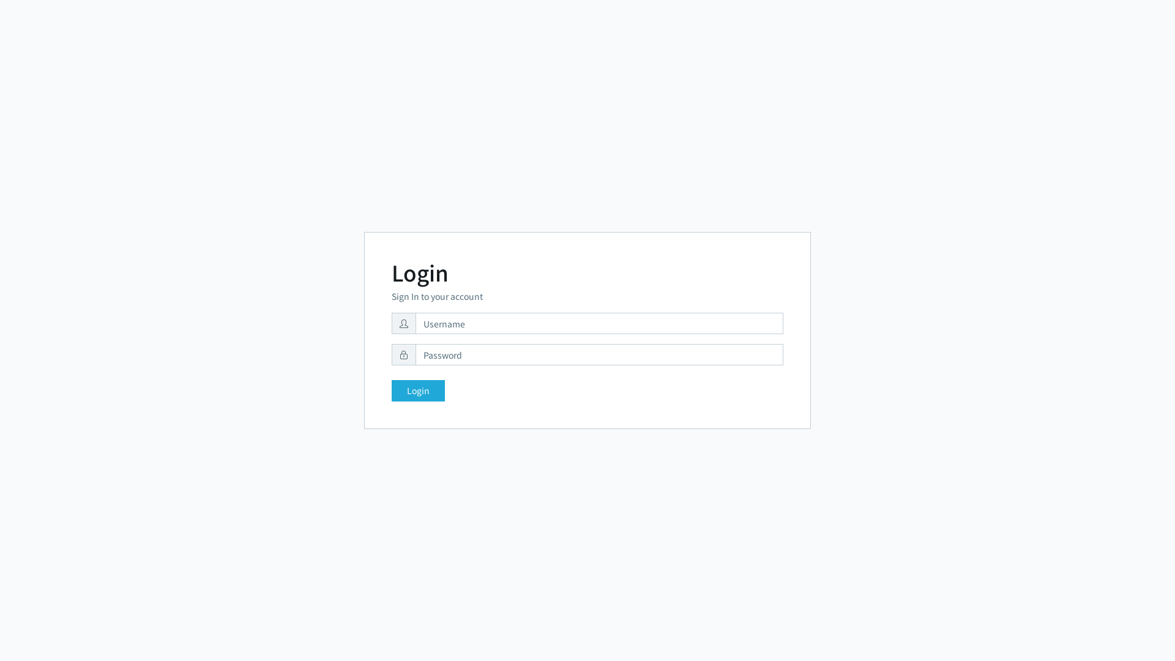  What do you see at coordinates (418, 390) in the screenshot?
I see `'Login'` at bounding box center [418, 390].